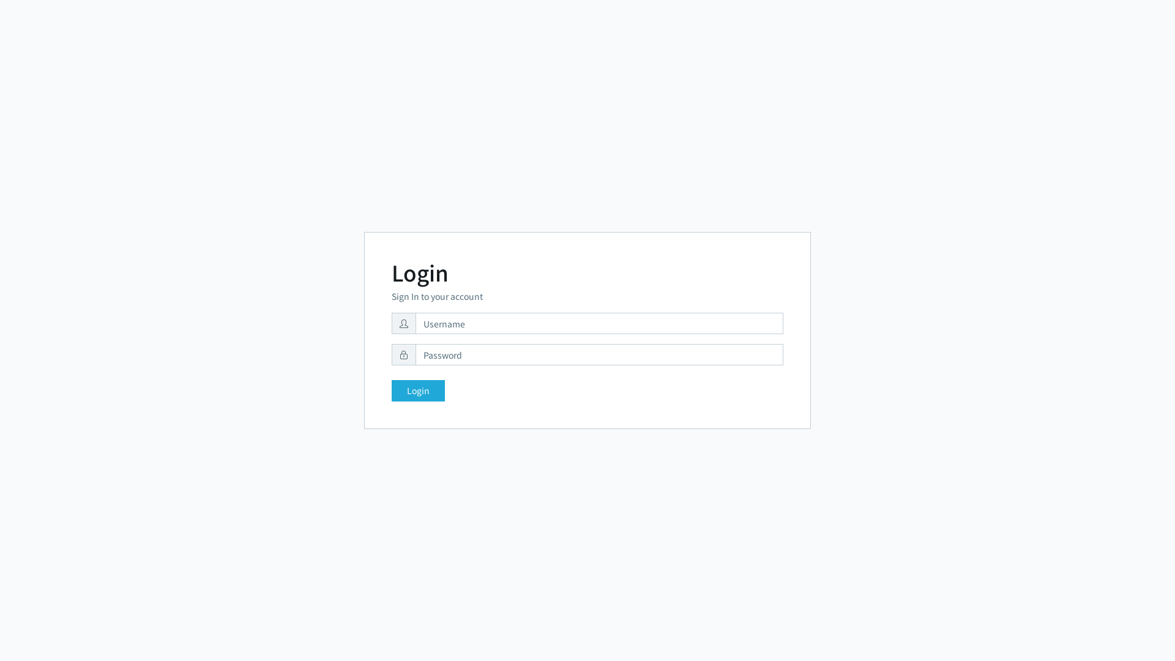  What do you see at coordinates (418, 390) in the screenshot?
I see `'Login'` at bounding box center [418, 390].